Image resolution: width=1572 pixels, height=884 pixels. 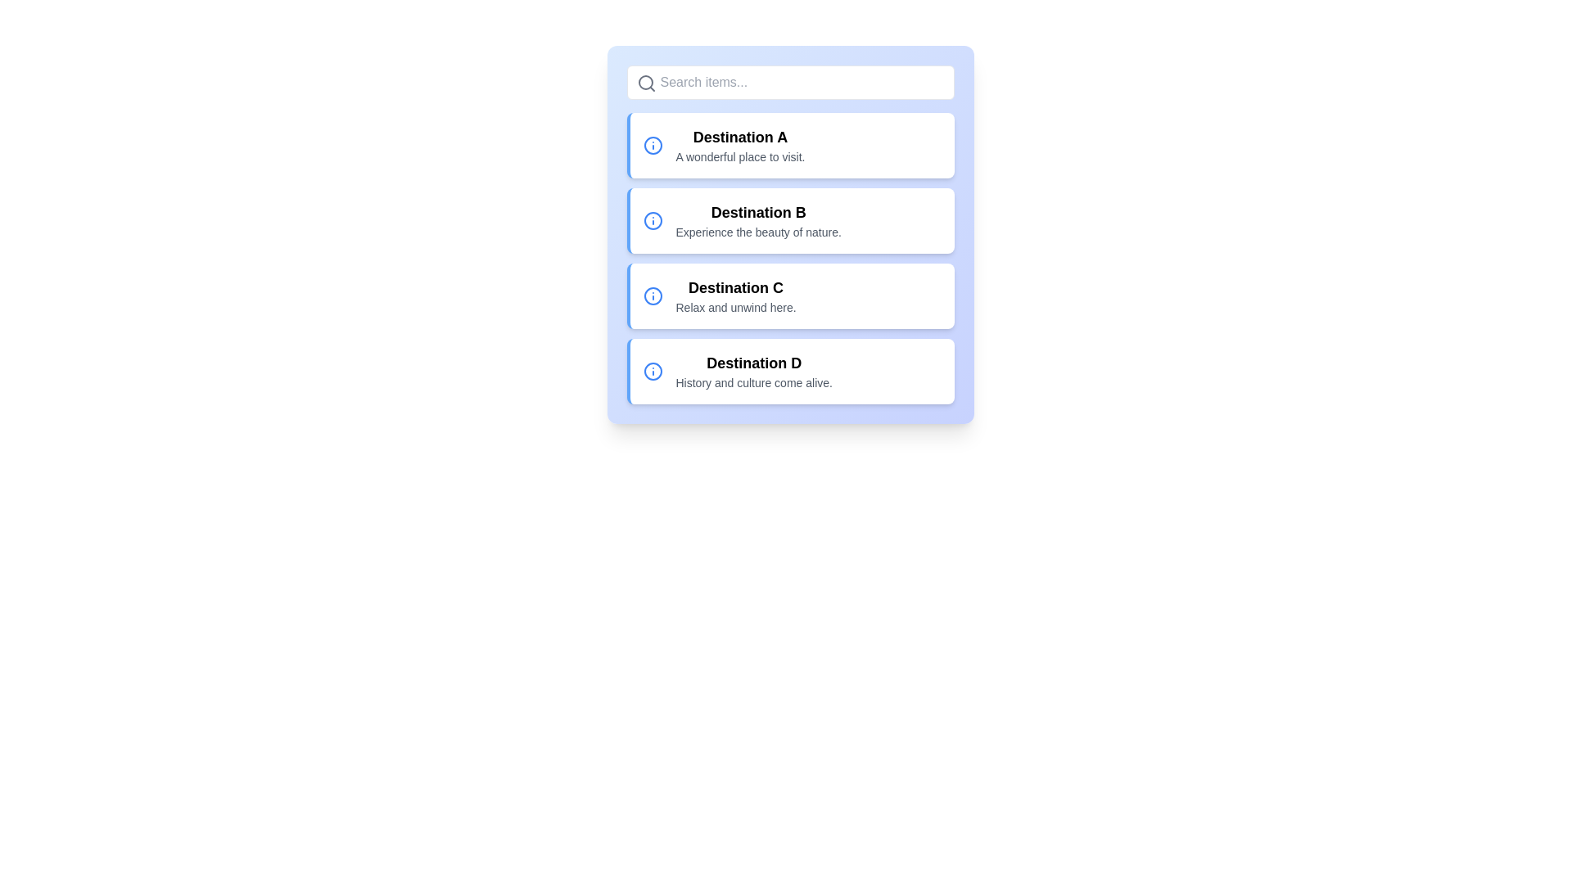 I want to click on destination details by clicking on the text label for 'Destination C', which is located in the third row of destination cards, styled with a white background and a left blue border, so click(x=735, y=296).